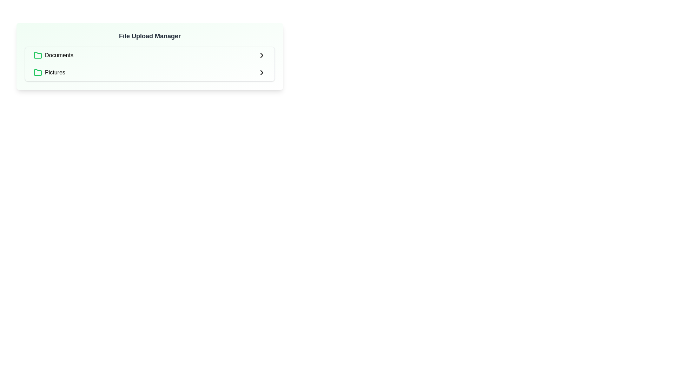 This screenshot has height=379, width=674. What do you see at coordinates (261, 55) in the screenshot?
I see `the right-facing chevron icon indicating expandability` at bounding box center [261, 55].